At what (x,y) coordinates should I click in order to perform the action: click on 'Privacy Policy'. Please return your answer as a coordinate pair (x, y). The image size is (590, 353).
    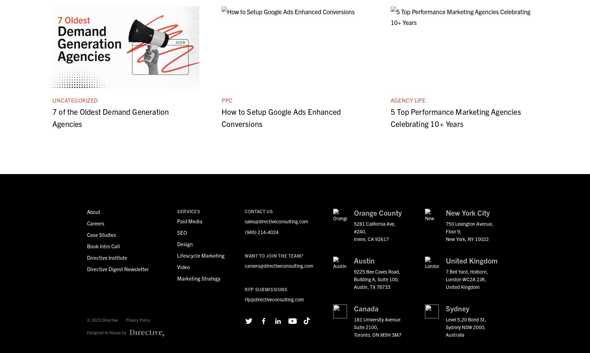
    Looking at the image, I should click on (138, 319).